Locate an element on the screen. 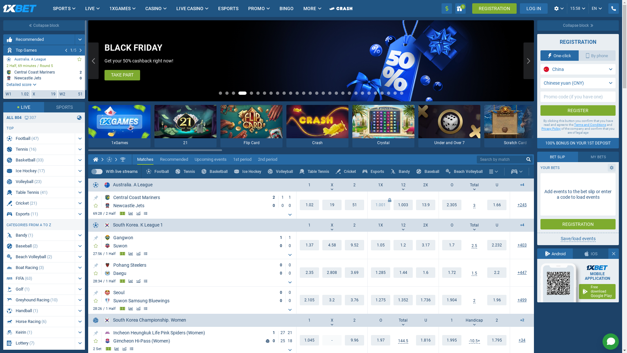 Image resolution: width=627 pixels, height=353 pixels. '1.736' is located at coordinates (426, 300).